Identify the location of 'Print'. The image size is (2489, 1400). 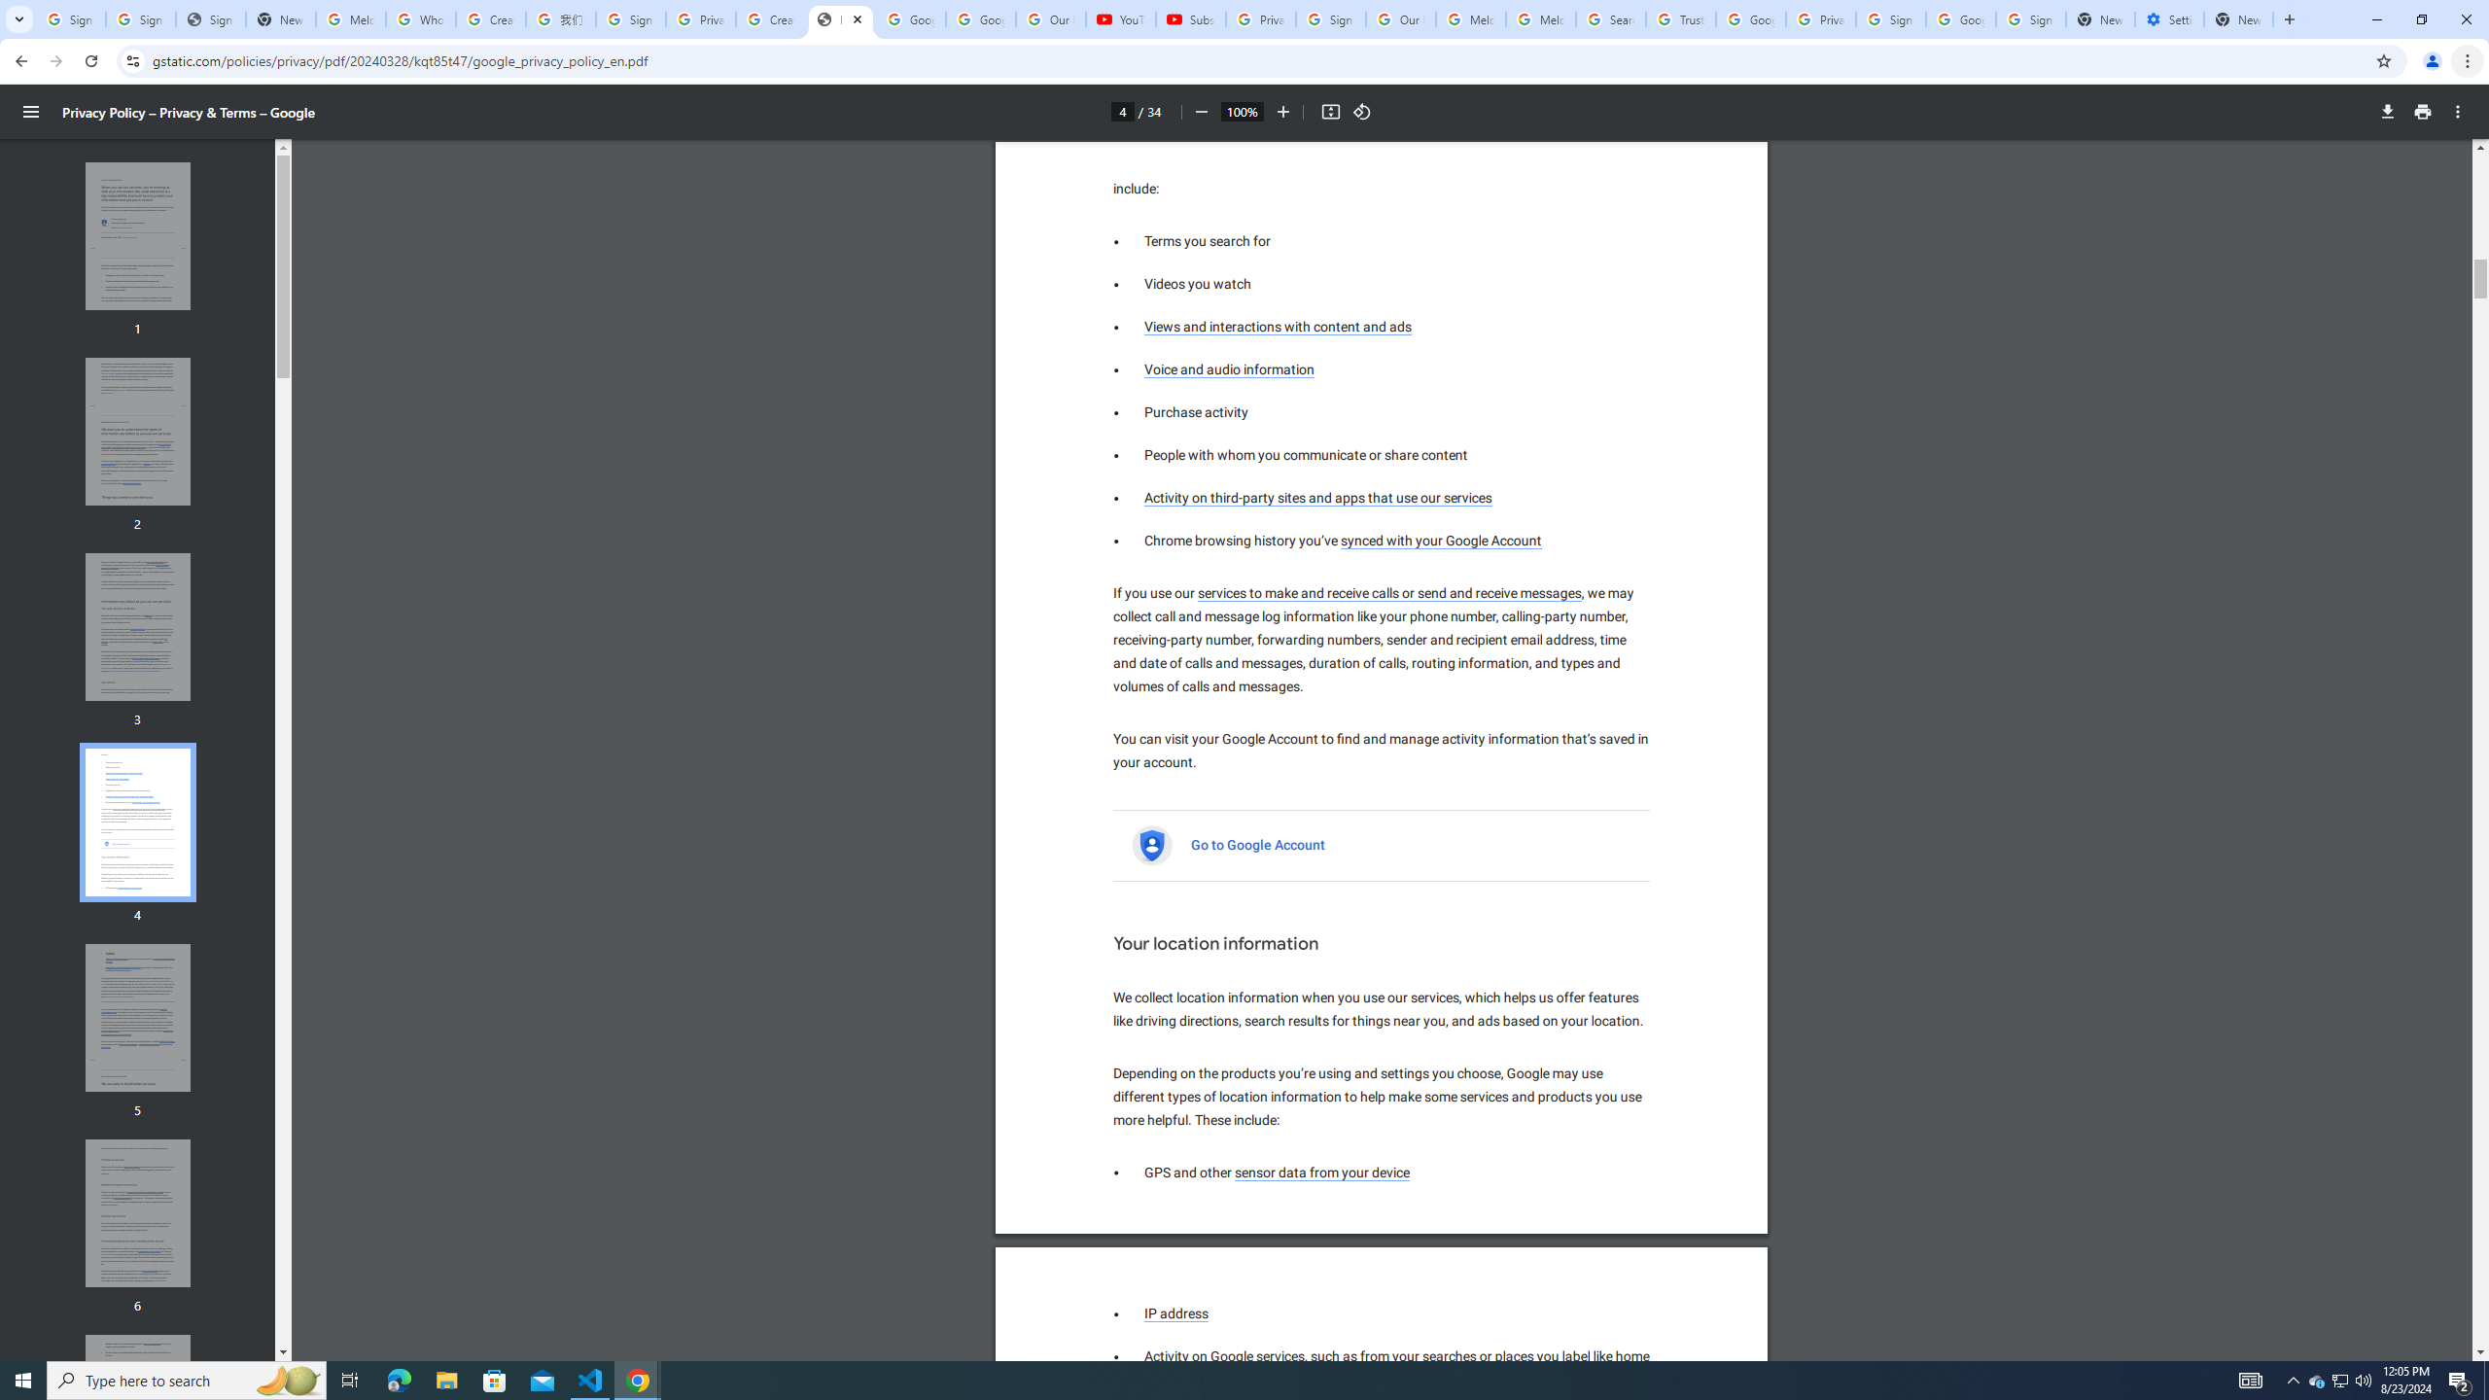
(2422, 111).